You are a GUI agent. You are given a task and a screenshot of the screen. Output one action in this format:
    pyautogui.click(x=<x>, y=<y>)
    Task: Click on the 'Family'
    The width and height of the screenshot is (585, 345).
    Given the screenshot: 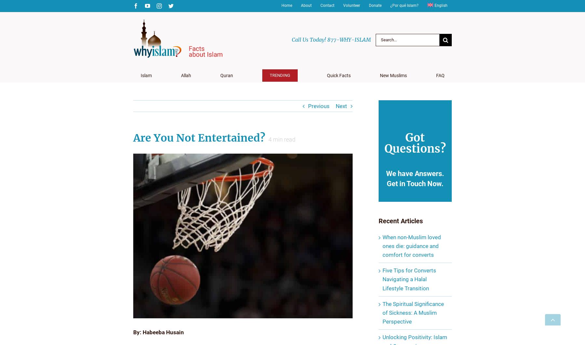 What is the action you would take?
    pyautogui.click(x=392, y=102)
    